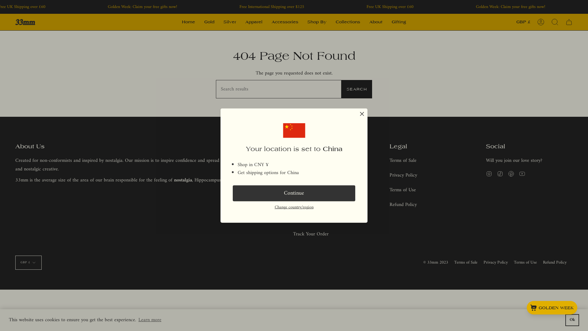 The height and width of the screenshot is (331, 588). What do you see at coordinates (150, 320) in the screenshot?
I see `'Learn more'` at bounding box center [150, 320].